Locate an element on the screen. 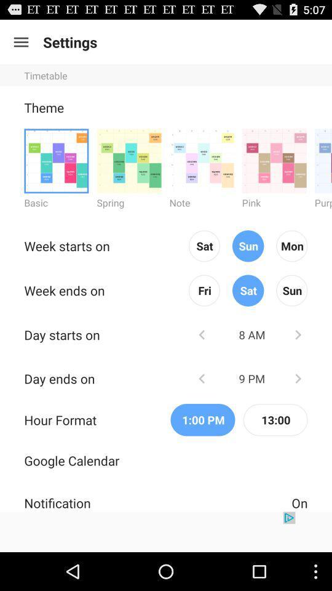 This screenshot has height=591, width=332. go back is located at coordinates (202, 334).